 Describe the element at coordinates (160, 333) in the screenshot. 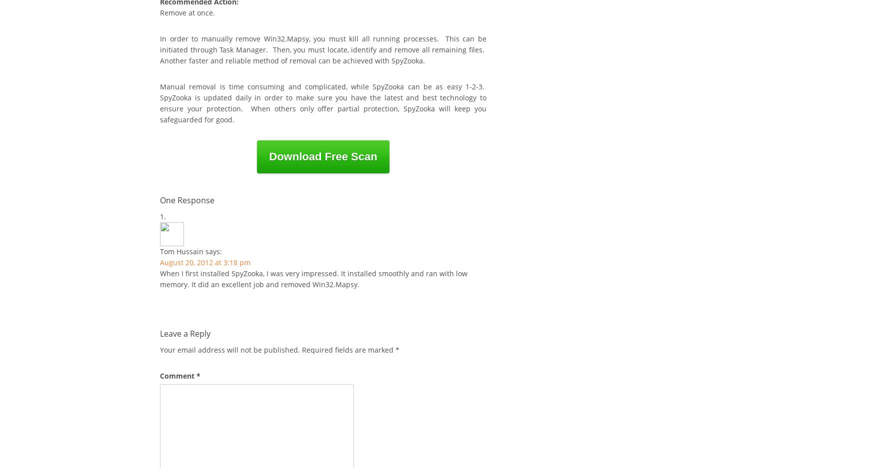

I see `'Leave a Reply'` at that location.